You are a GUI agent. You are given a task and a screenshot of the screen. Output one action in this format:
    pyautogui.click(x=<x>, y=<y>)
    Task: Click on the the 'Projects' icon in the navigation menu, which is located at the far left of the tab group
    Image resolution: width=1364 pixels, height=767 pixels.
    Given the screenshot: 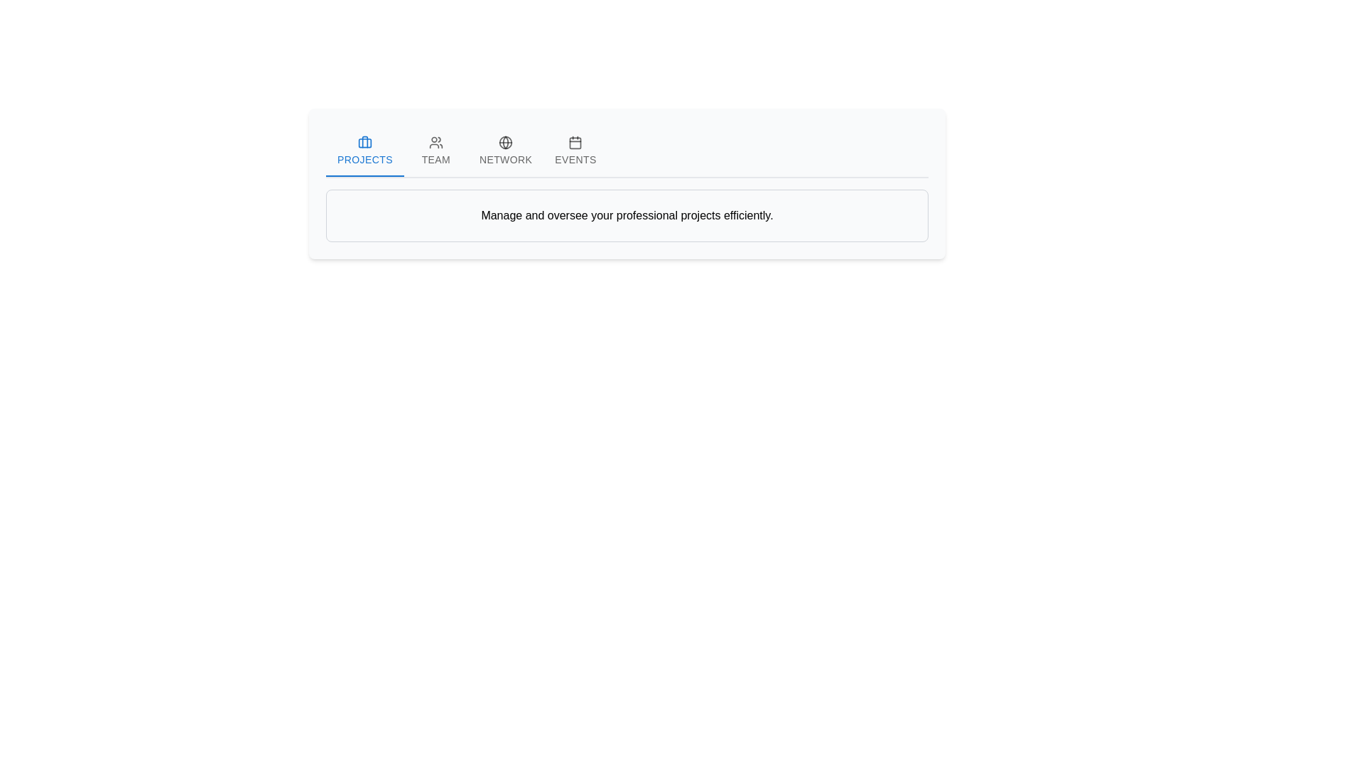 What is the action you would take?
    pyautogui.click(x=364, y=143)
    